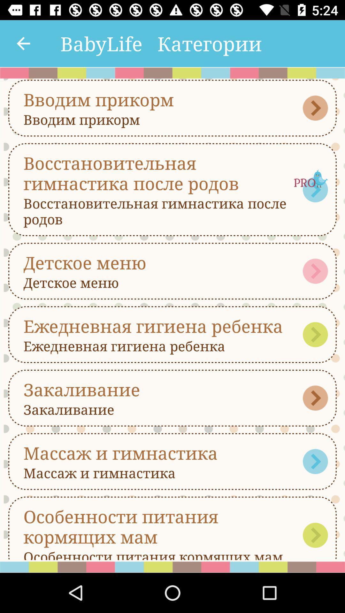  Describe the element at coordinates (23, 43) in the screenshot. I see `the item to the left of the babylife item` at that location.